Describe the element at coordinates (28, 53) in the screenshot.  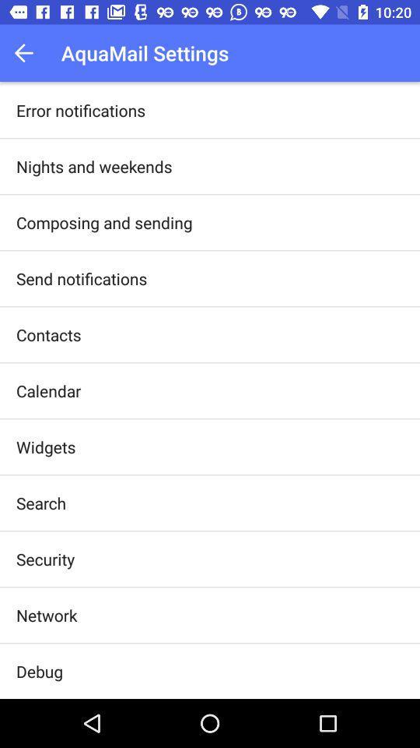
I see `the app to the left of the aquamail settings app` at that location.